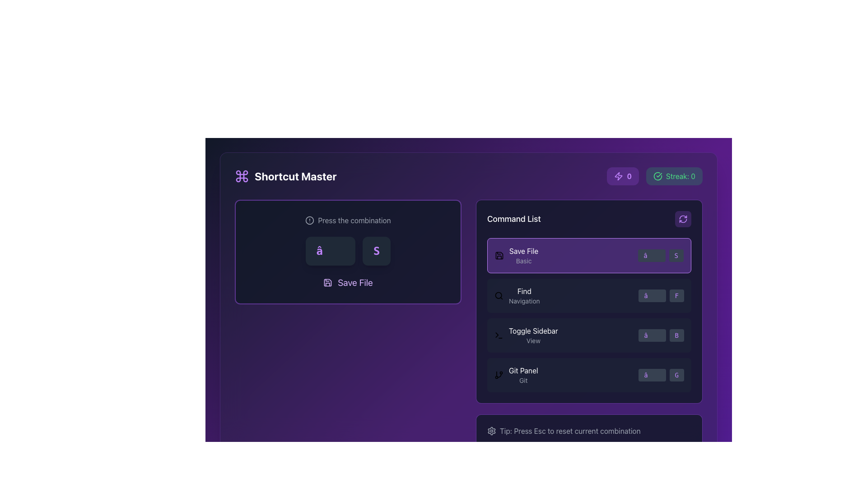  Describe the element at coordinates (589, 431) in the screenshot. I see `the text label component that provides a tip for resetting a keyboard shortcut by pressing the 'Esc' key, located in the footer section just below the primary content area` at that location.